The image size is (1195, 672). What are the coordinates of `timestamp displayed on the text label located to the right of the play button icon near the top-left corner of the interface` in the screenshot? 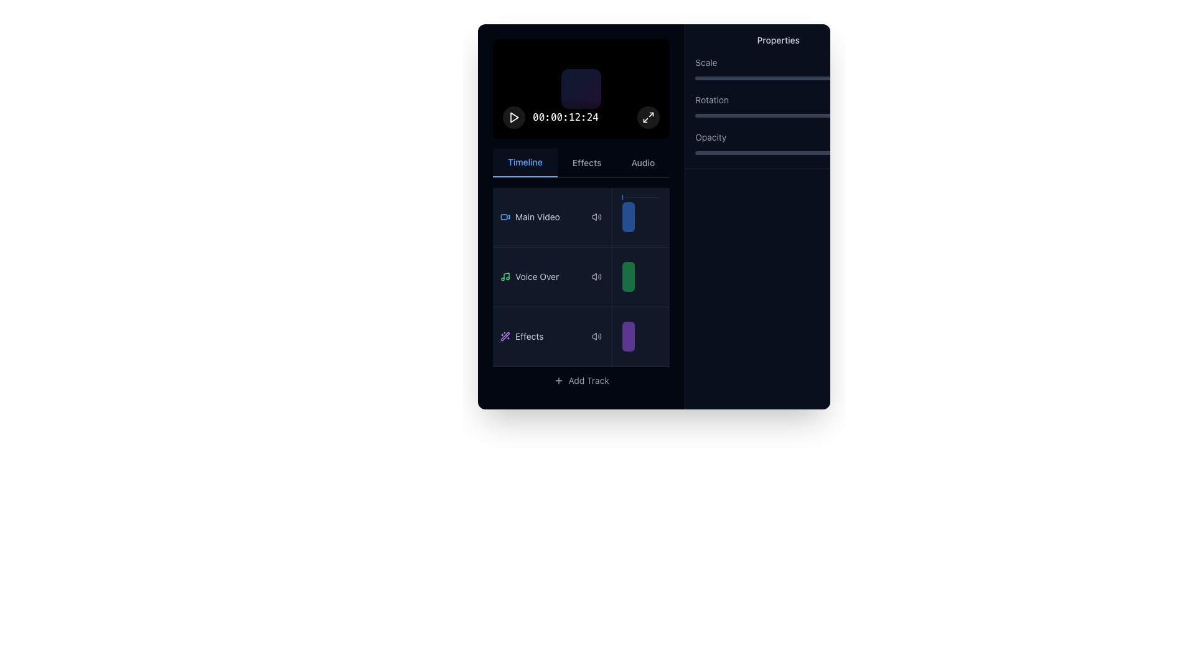 It's located at (550, 117).